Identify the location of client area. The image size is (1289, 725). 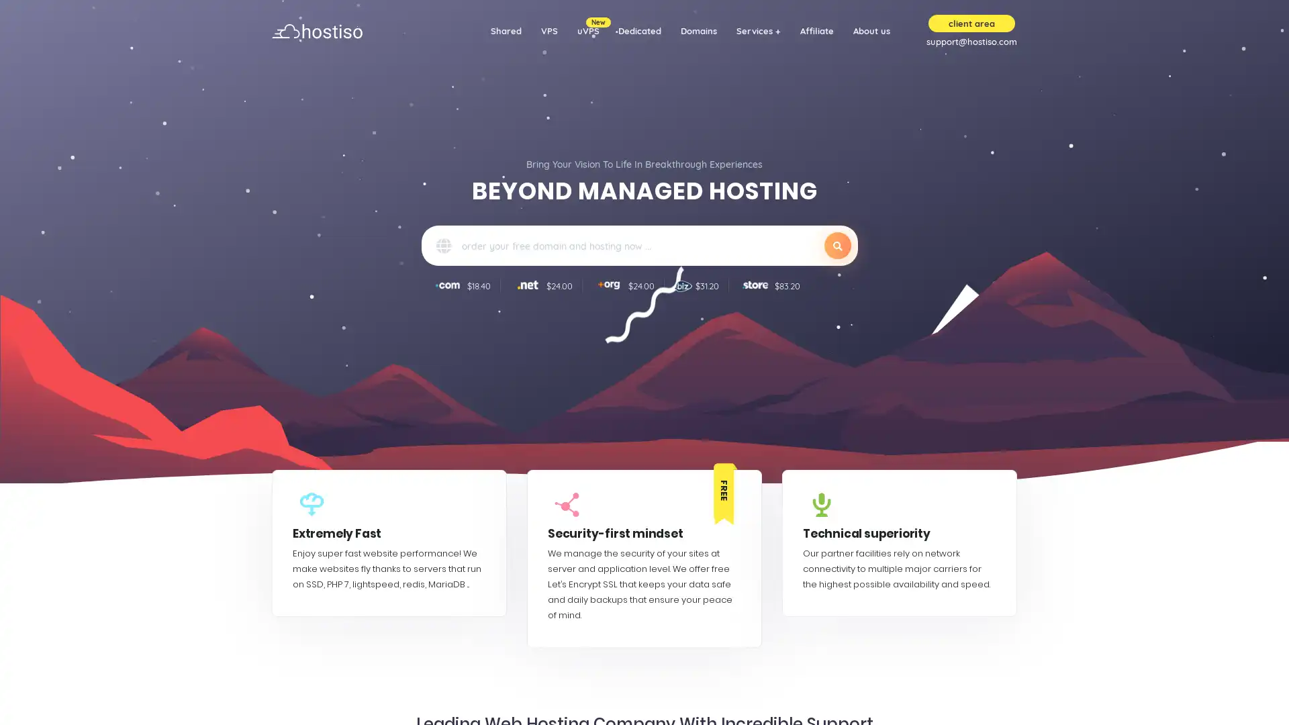
(971, 23).